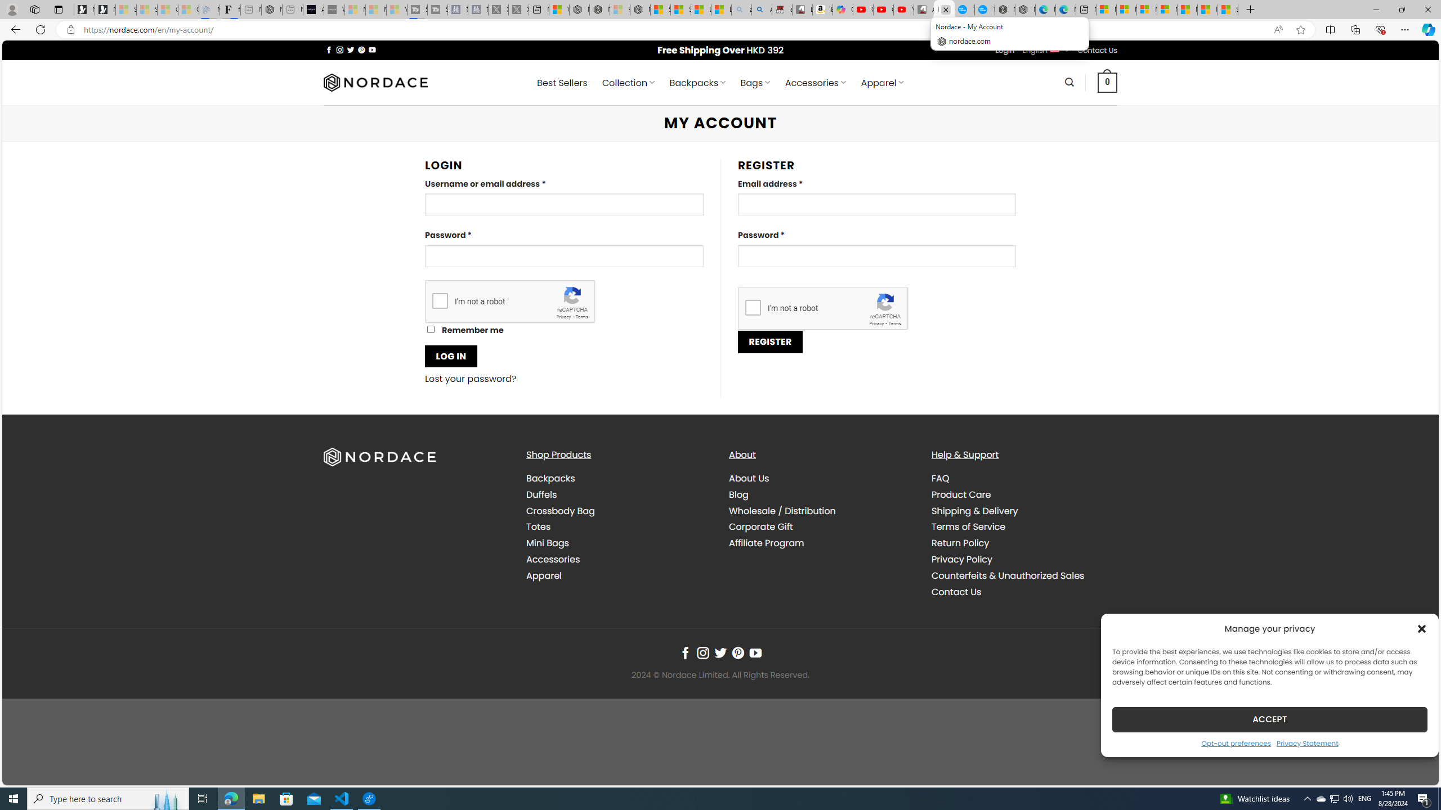 The image size is (1441, 810). I want to click on 'Gloom - YouTube', so click(883, 9).